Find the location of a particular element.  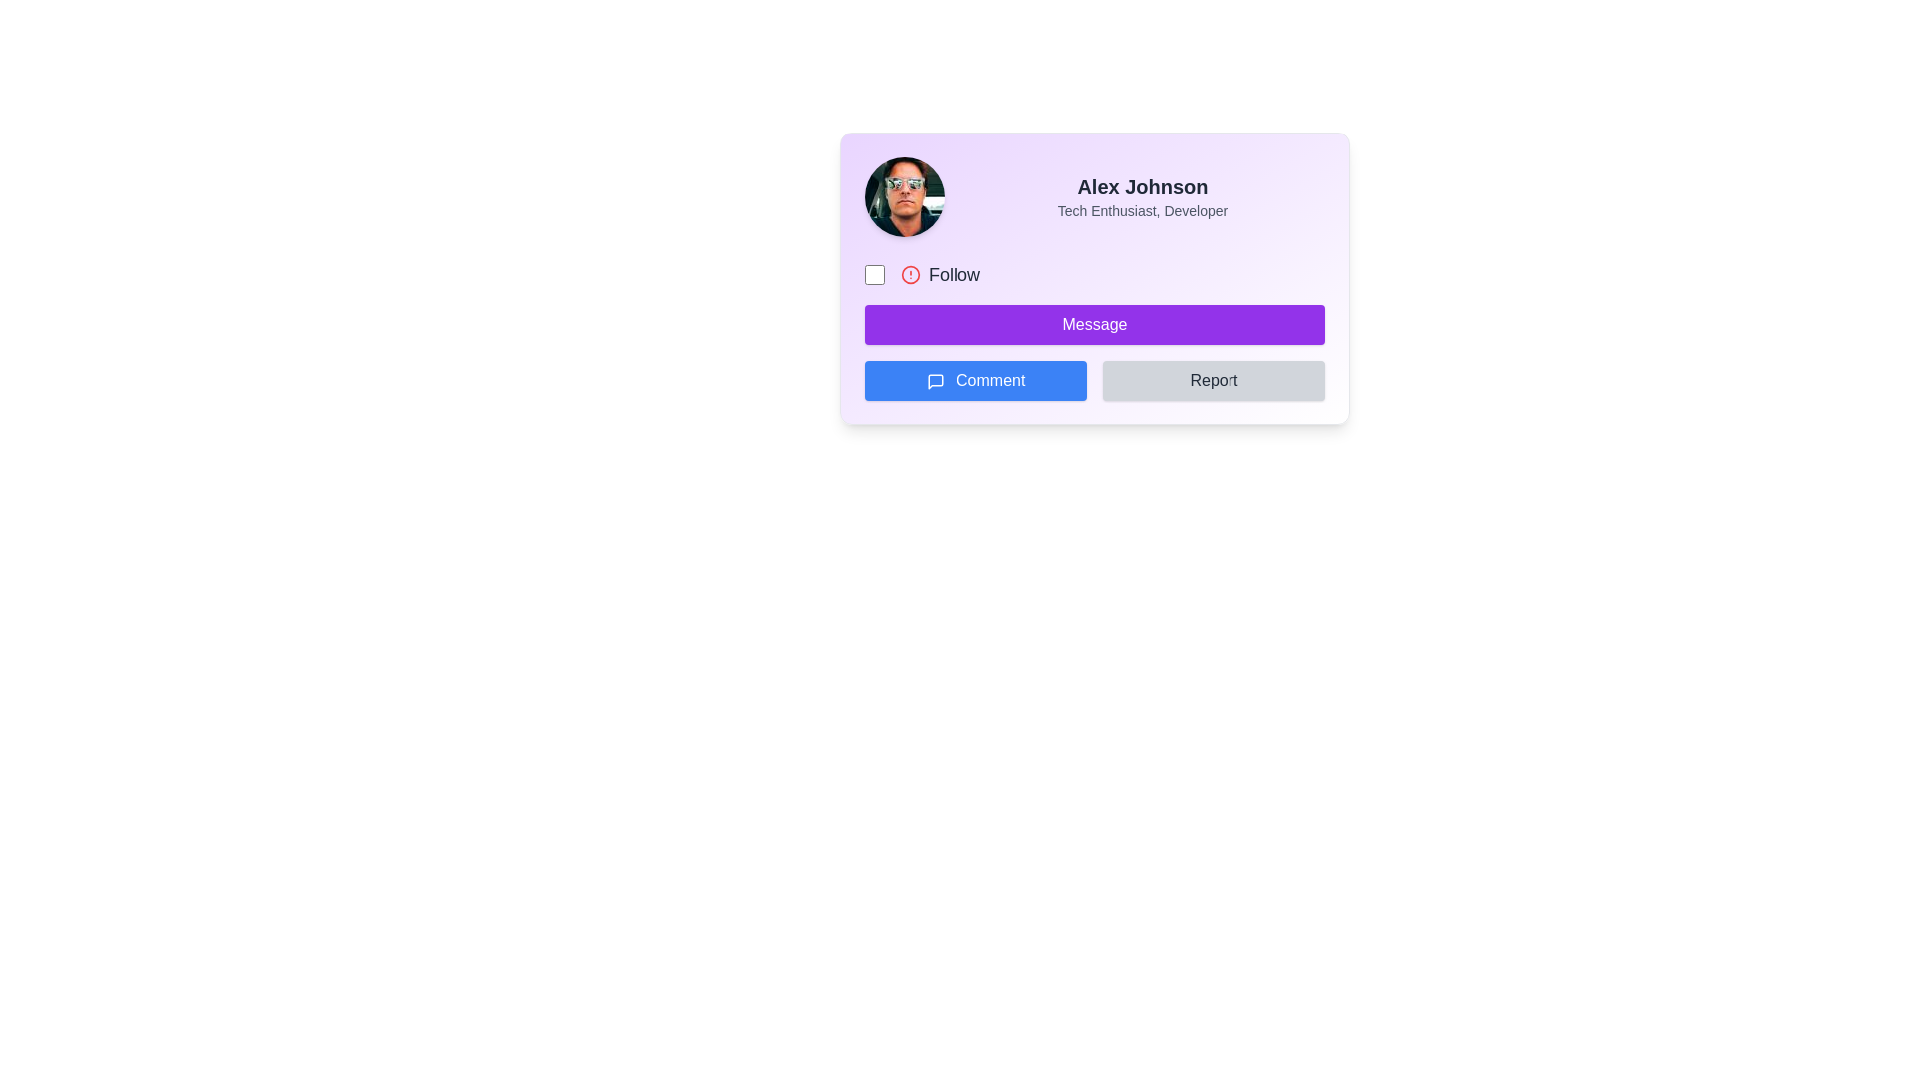

the comment icon located inside the blue button labeled 'Comment', positioned towards the left of the button is located at coordinates (934, 381).